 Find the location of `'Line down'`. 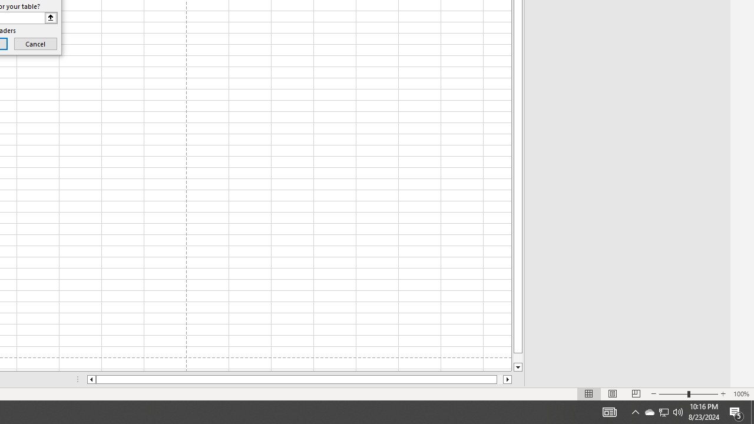

'Line down' is located at coordinates (518, 367).